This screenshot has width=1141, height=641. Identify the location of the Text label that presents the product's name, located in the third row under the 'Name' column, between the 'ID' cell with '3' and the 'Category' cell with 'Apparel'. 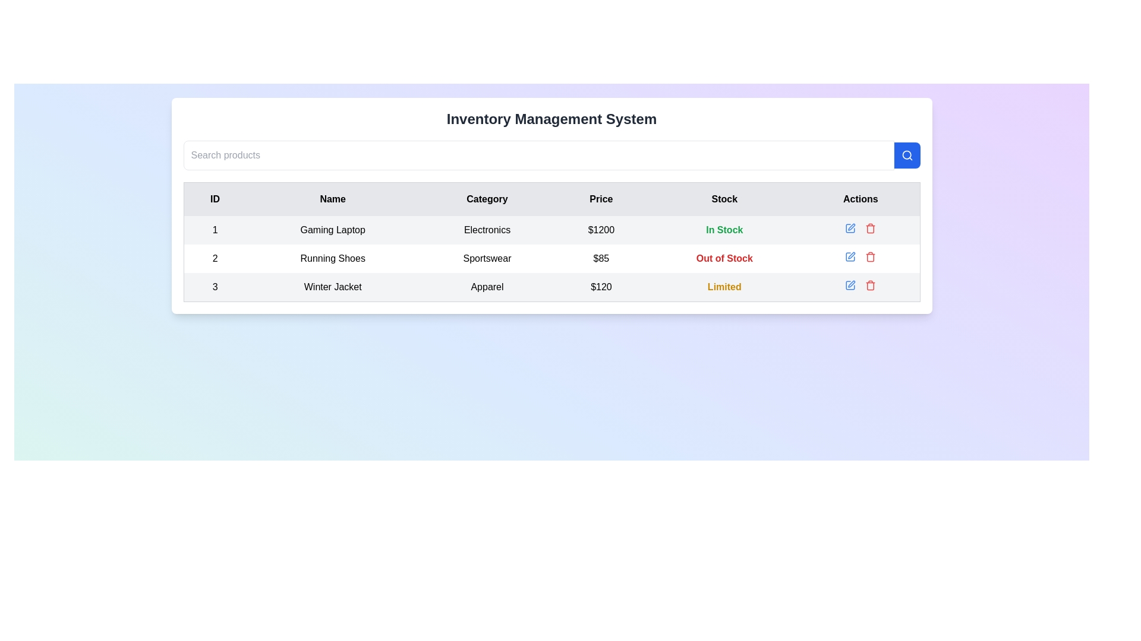
(333, 287).